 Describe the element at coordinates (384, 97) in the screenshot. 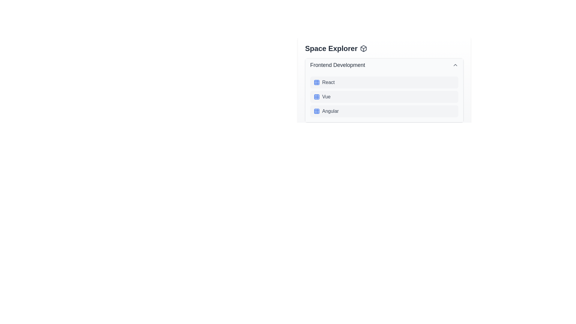

I see `the second item in the list styled as a button, representing the 'Vue' topic` at that location.